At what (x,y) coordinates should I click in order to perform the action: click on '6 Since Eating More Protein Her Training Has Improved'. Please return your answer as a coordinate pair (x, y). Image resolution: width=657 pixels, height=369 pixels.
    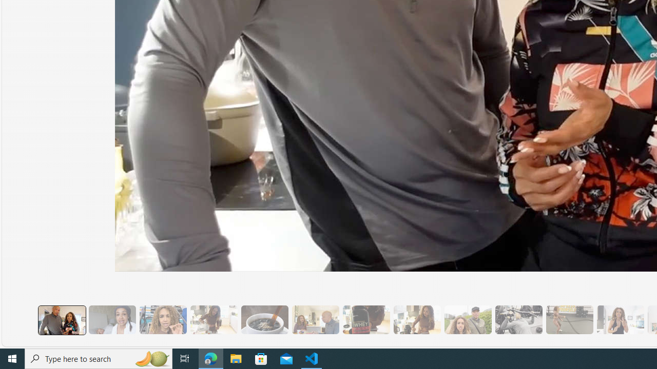
    Looking at the image, I should click on (366, 319).